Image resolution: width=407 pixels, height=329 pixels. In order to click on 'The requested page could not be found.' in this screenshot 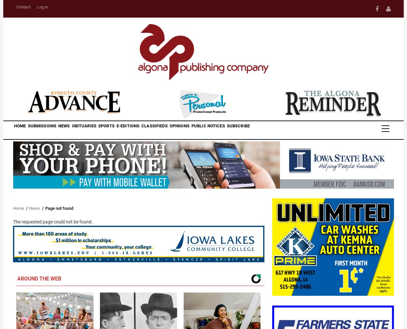, I will do `click(13, 222)`.